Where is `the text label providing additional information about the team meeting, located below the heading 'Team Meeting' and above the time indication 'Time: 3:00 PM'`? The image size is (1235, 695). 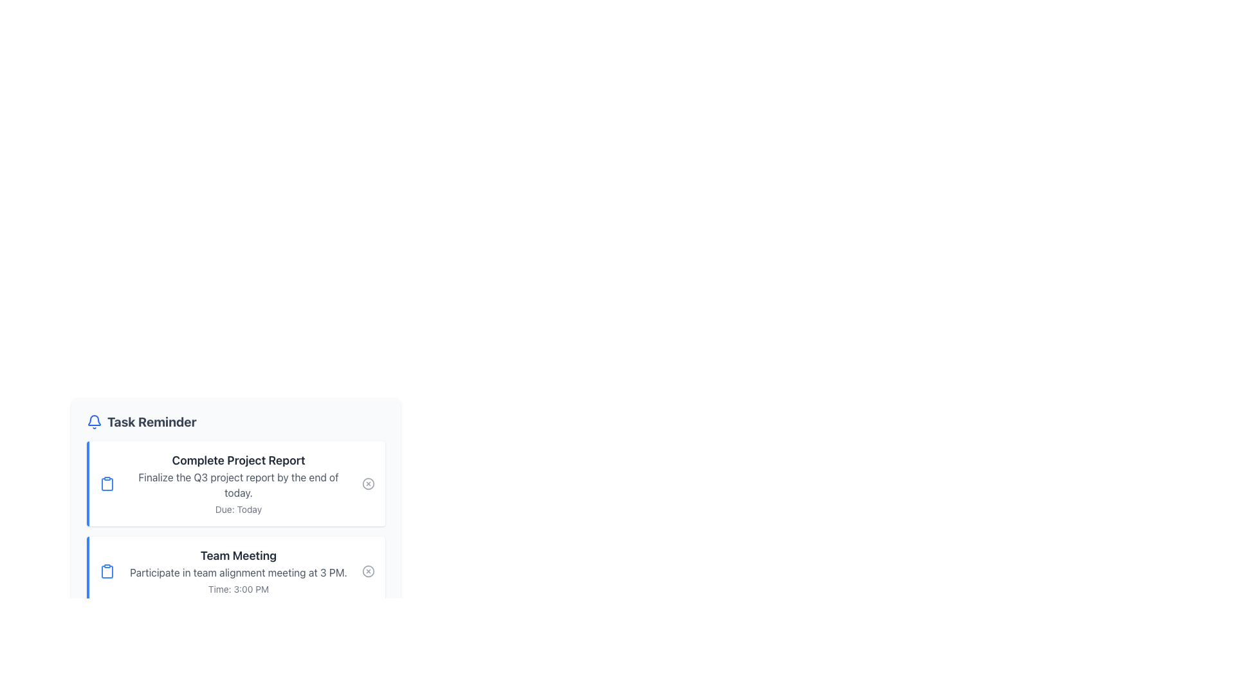 the text label providing additional information about the team meeting, located below the heading 'Team Meeting' and above the time indication 'Time: 3:00 PM' is located at coordinates (238, 572).